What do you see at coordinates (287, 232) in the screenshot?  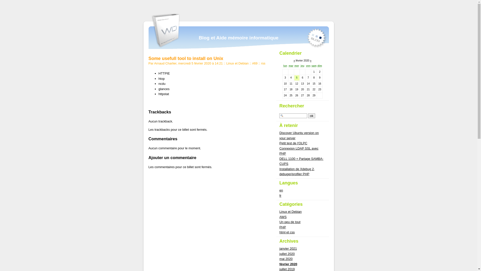 I see `'html et css'` at bounding box center [287, 232].